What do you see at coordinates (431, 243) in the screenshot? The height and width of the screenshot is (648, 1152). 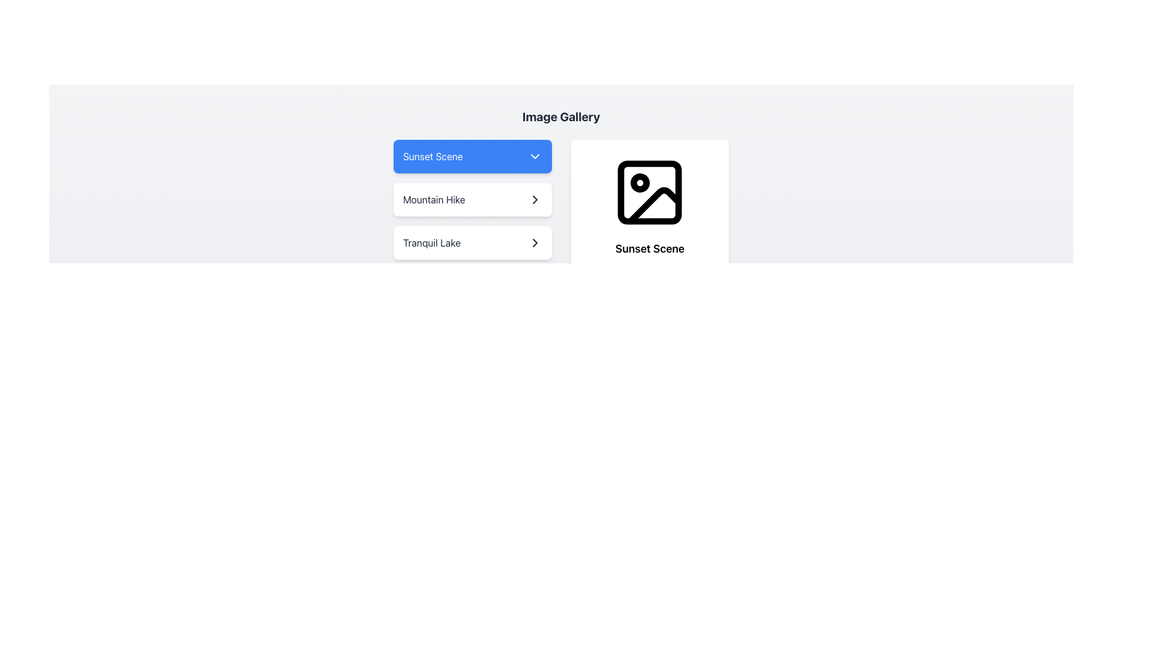 I see `the 'Tranquil Lake' menu option, which is the third option in the vertical list beneath the 'Image Gallery' title` at bounding box center [431, 243].